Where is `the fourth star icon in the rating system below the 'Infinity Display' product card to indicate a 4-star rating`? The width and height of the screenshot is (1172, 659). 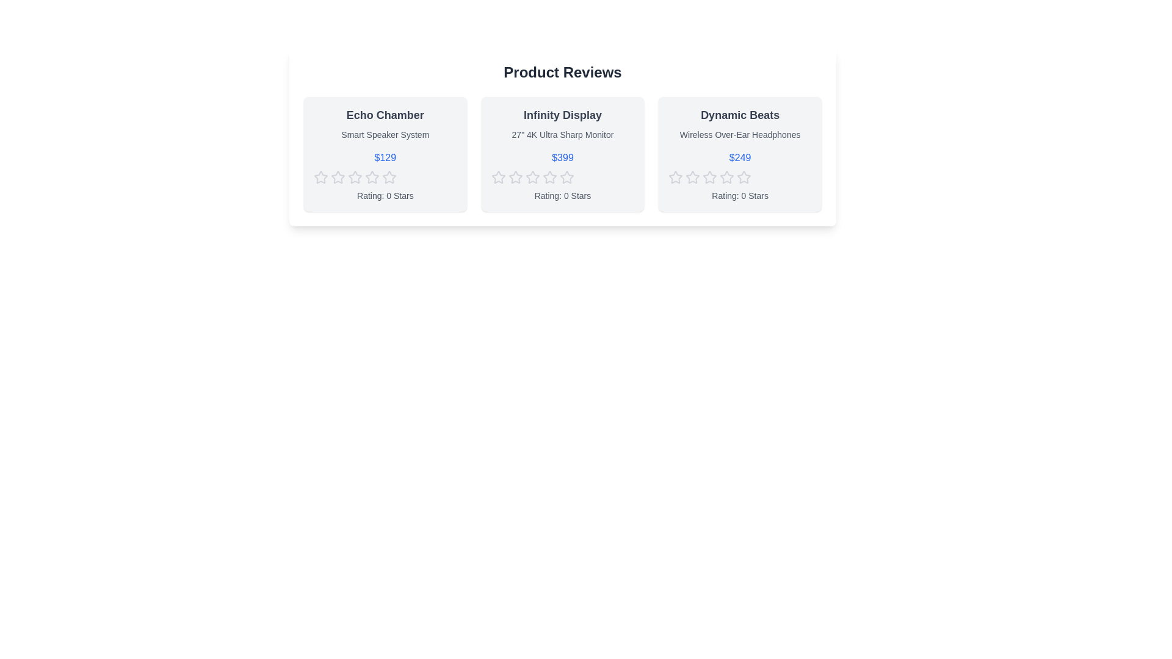 the fourth star icon in the rating system below the 'Infinity Display' product card to indicate a 4-star rating is located at coordinates (549, 177).